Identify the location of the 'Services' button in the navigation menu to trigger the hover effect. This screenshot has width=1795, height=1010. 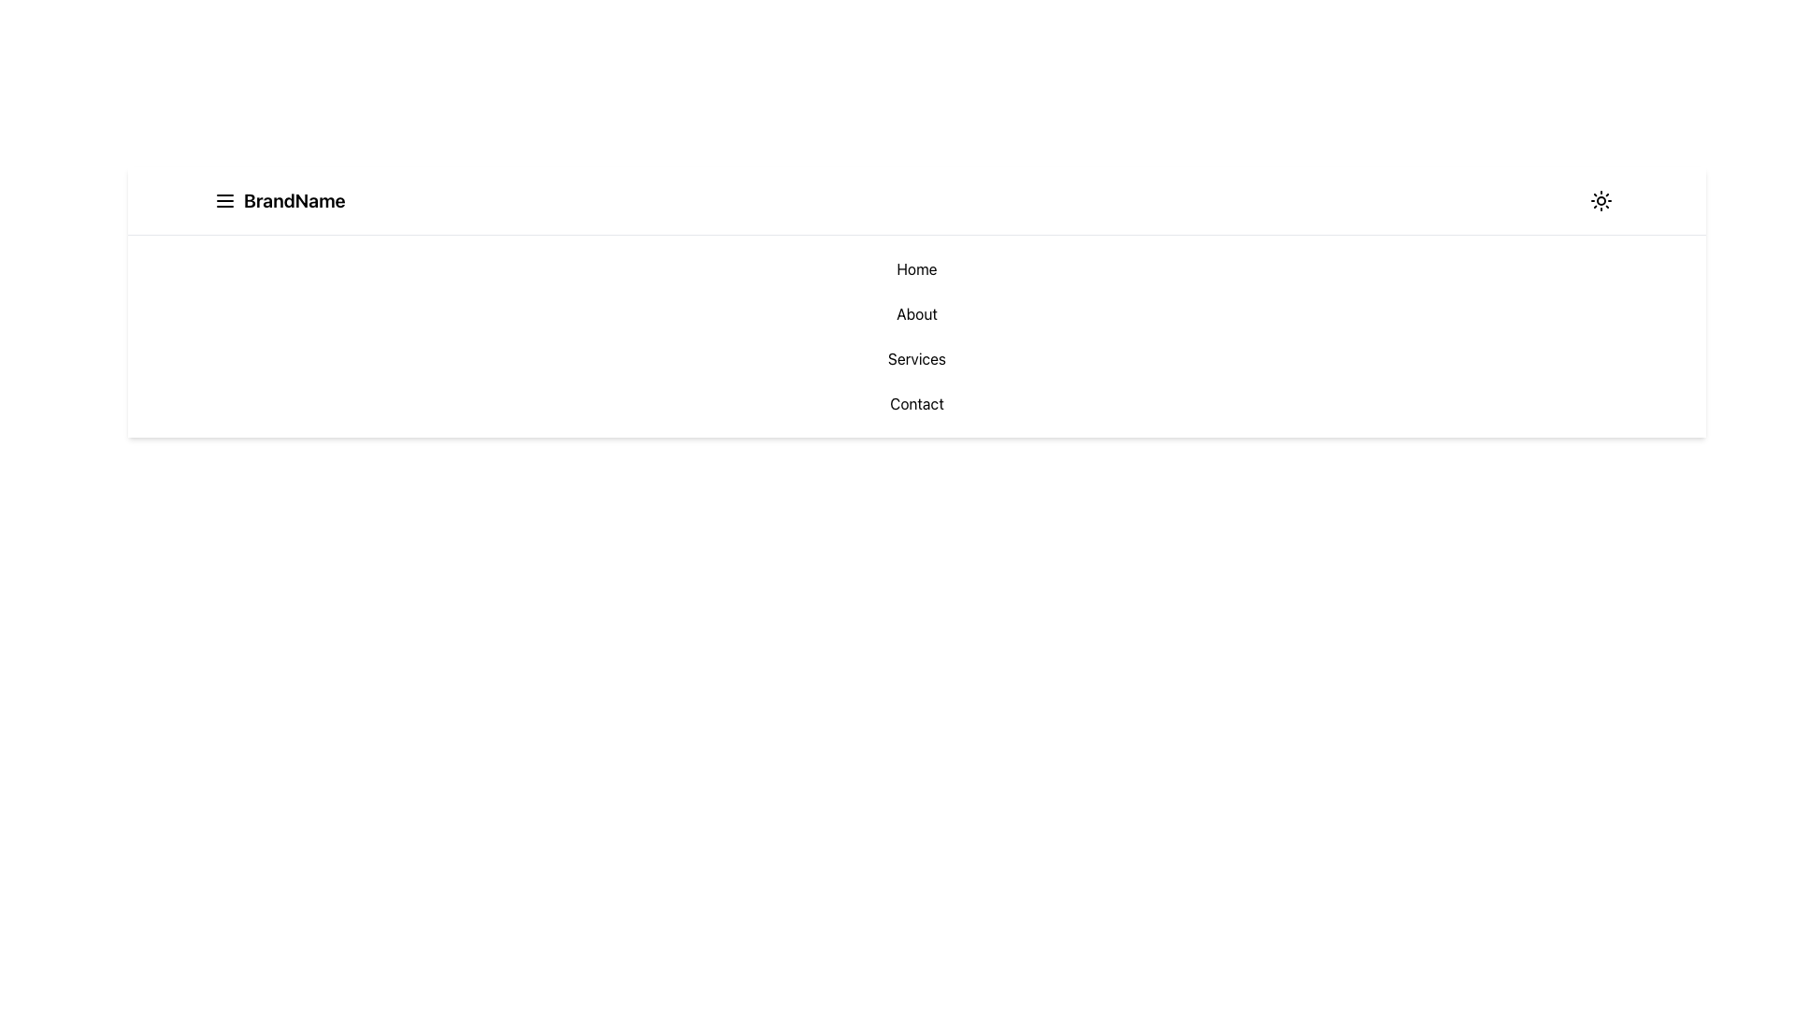
(916, 359).